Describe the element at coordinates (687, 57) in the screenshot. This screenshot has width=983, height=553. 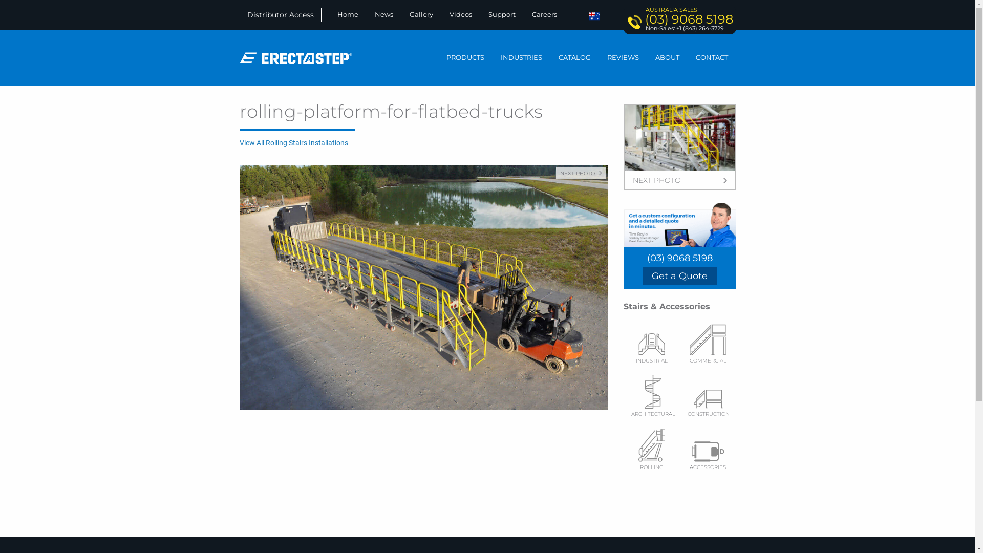
I see `'CONTACT'` at that location.